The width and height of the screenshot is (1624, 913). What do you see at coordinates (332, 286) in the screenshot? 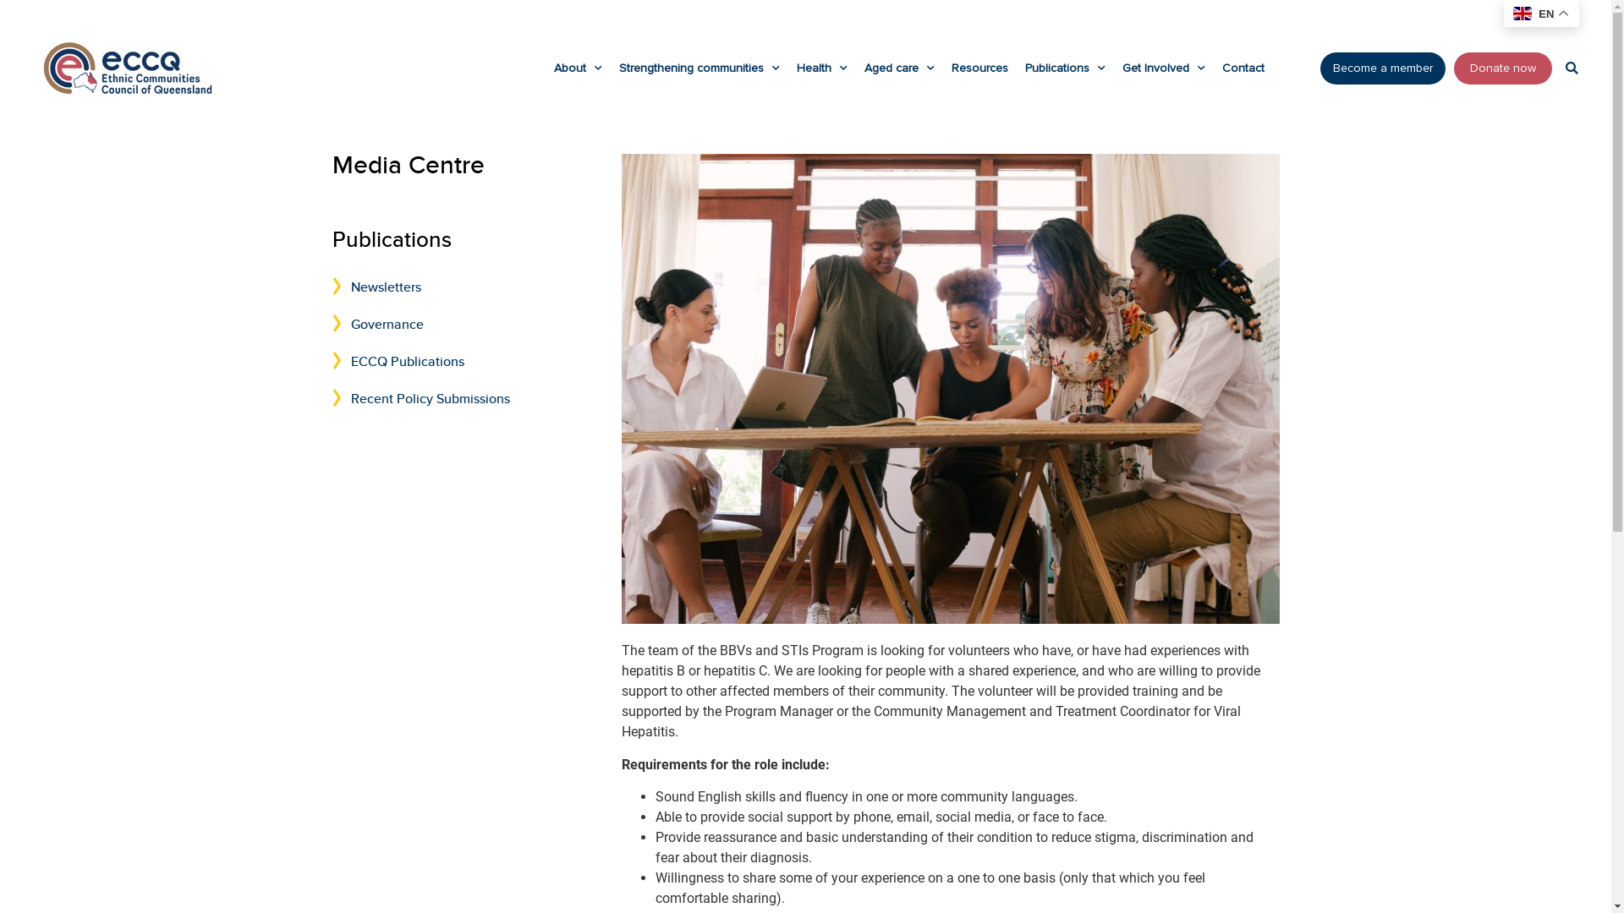
I see `'Newsletters'` at bounding box center [332, 286].